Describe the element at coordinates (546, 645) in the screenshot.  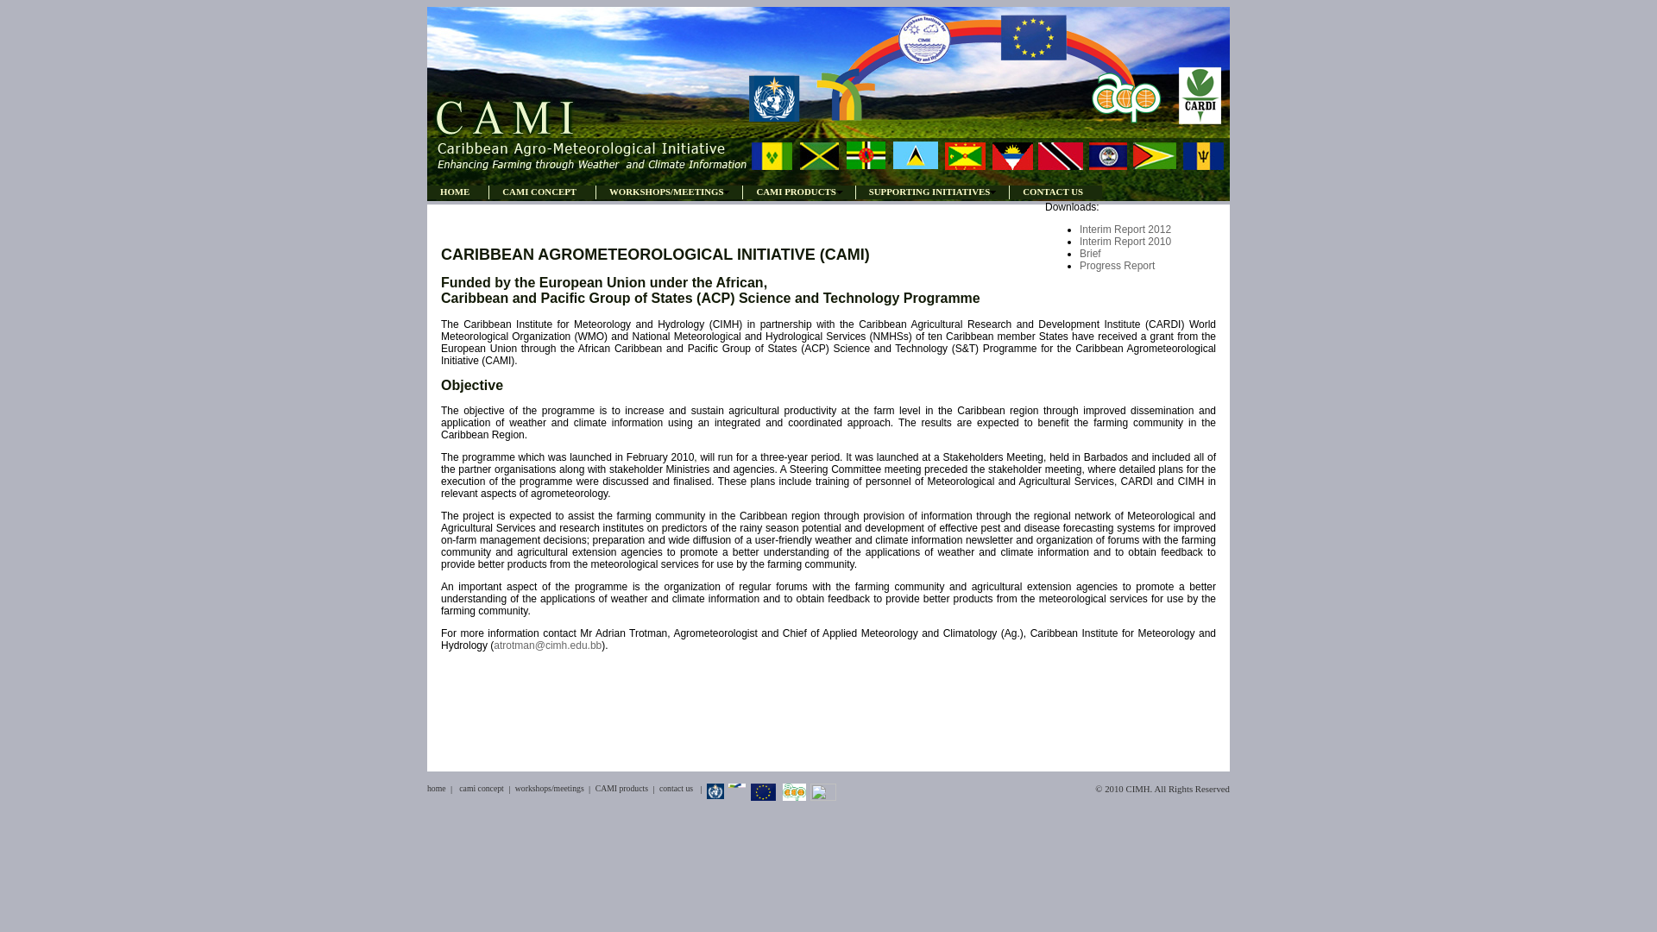
I see `'atrotman@cimh.edu.bb'` at that location.